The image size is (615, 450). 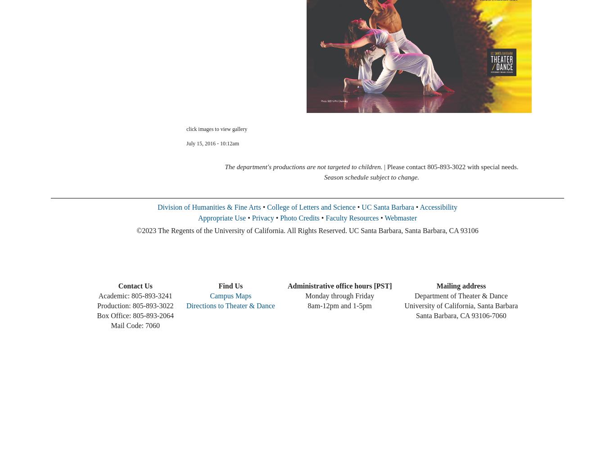 What do you see at coordinates (230, 286) in the screenshot?
I see `'Find Us'` at bounding box center [230, 286].